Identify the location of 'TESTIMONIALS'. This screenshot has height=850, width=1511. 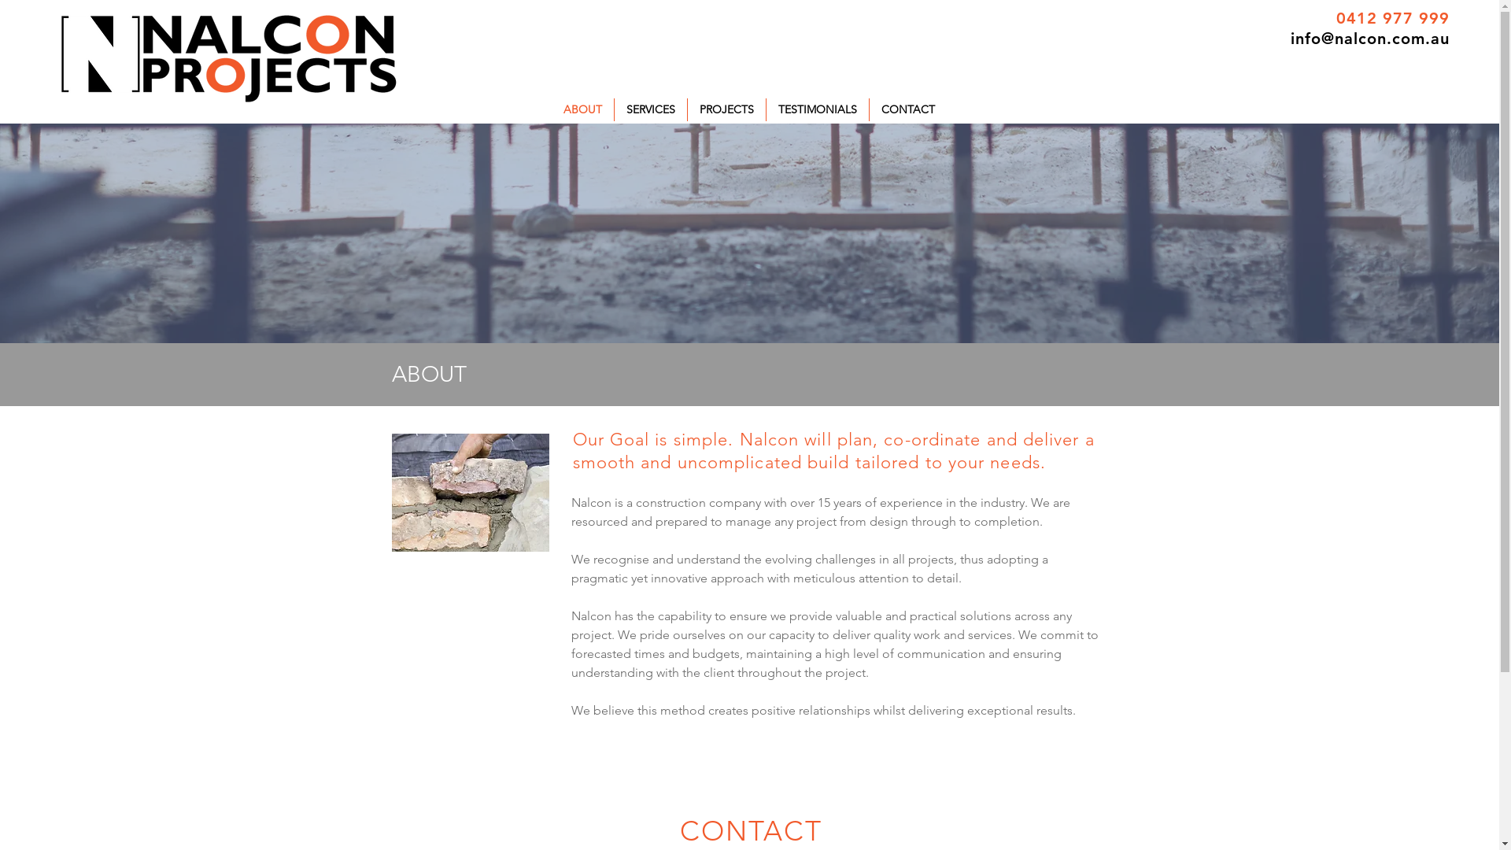
(817, 109).